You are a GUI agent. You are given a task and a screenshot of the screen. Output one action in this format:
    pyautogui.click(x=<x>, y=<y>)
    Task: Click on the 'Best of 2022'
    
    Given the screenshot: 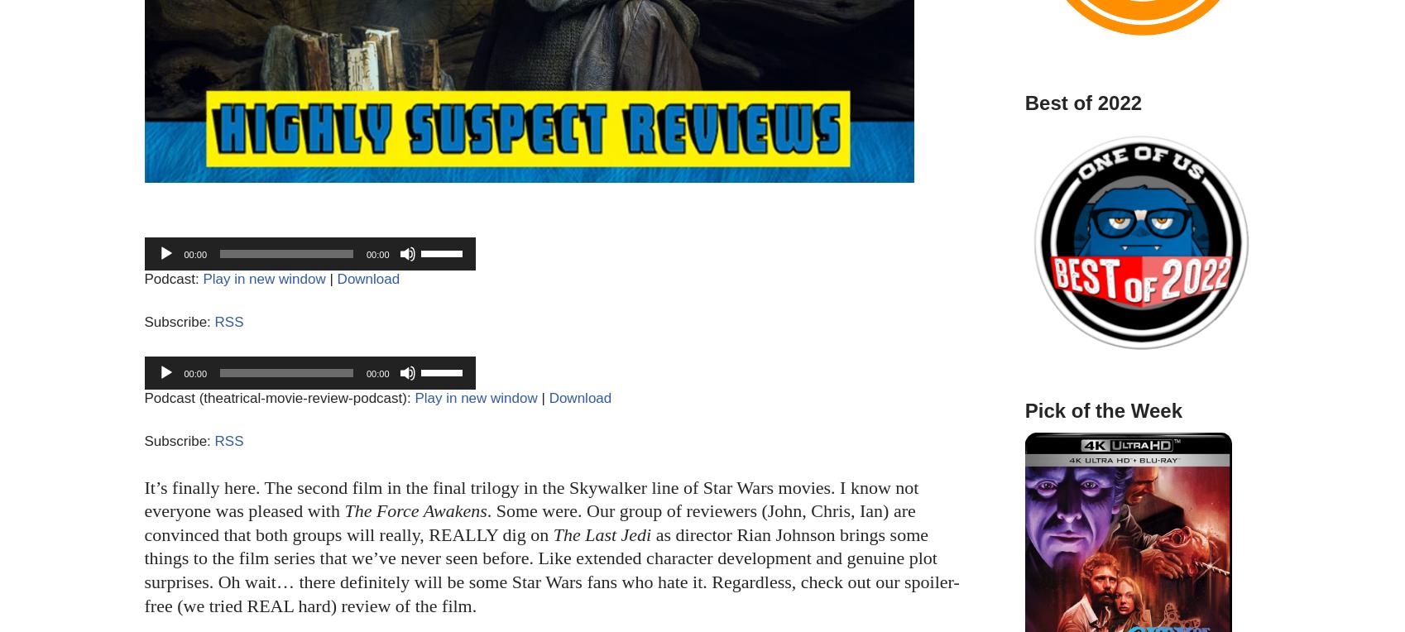 What is the action you would take?
    pyautogui.click(x=1081, y=102)
    